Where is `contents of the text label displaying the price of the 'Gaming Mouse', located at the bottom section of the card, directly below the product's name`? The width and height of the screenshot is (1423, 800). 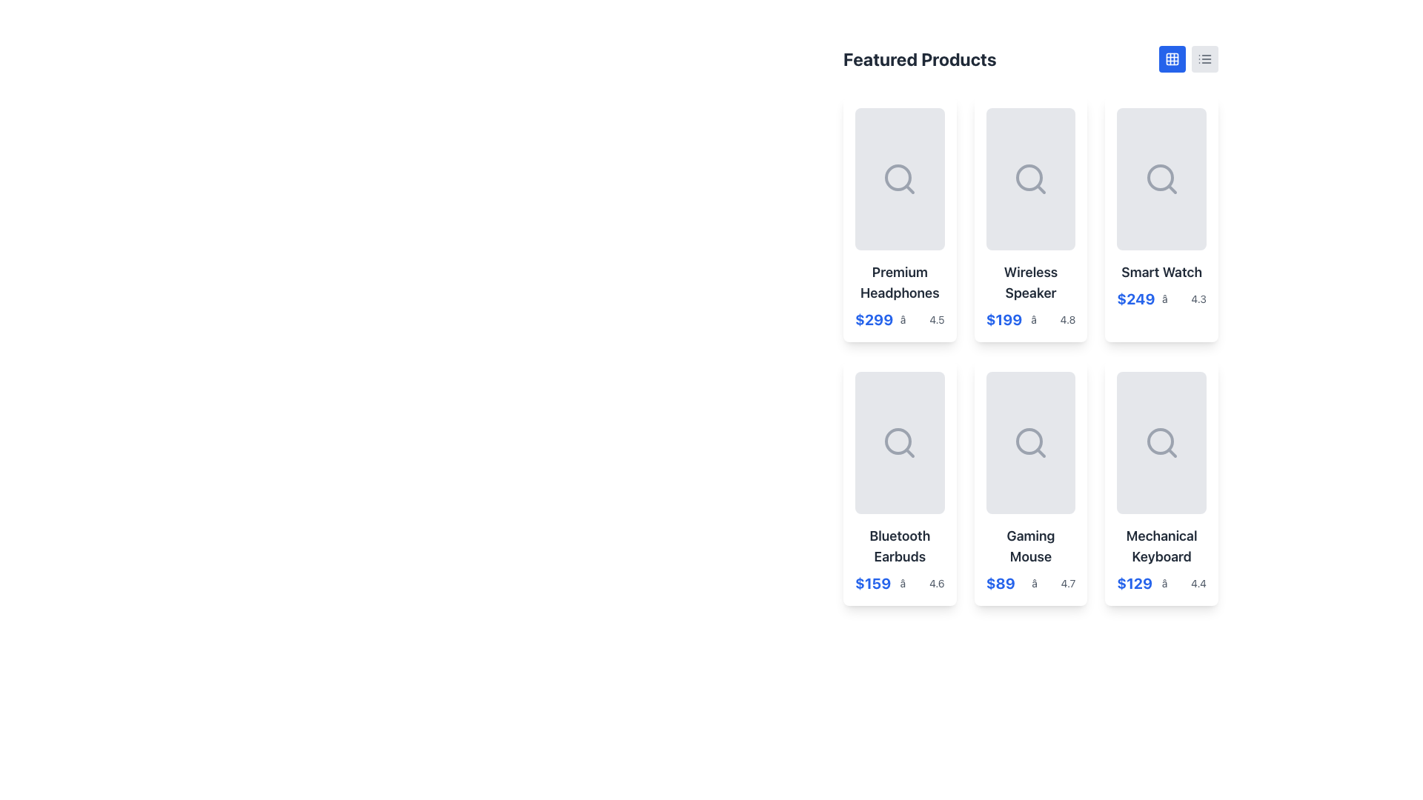
contents of the text label displaying the price of the 'Gaming Mouse', located at the bottom section of the card, directly below the product's name is located at coordinates (1001, 582).